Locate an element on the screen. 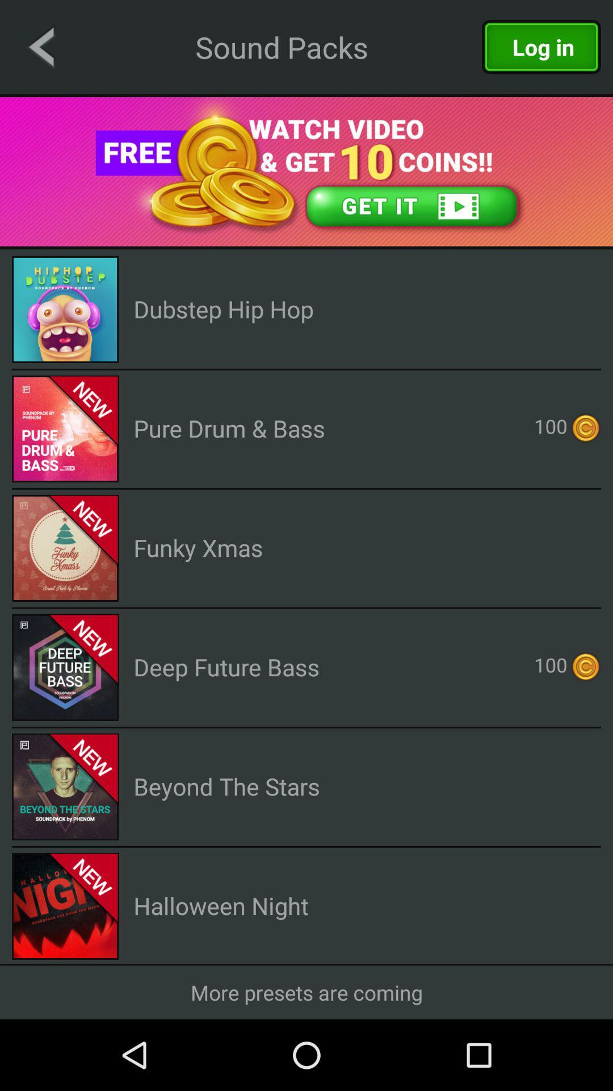  pure drum & bass icon is located at coordinates (229, 427).